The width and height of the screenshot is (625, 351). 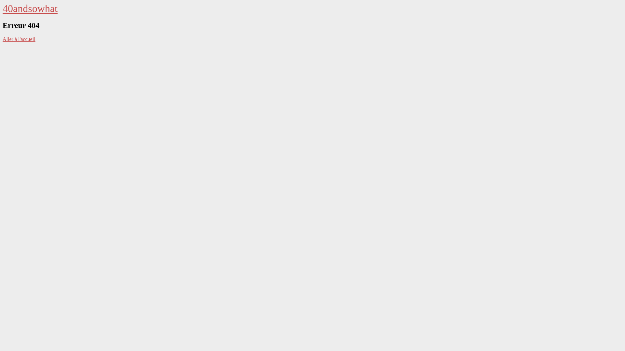 I want to click on '40andsowhat', so click(x=30, y=8).